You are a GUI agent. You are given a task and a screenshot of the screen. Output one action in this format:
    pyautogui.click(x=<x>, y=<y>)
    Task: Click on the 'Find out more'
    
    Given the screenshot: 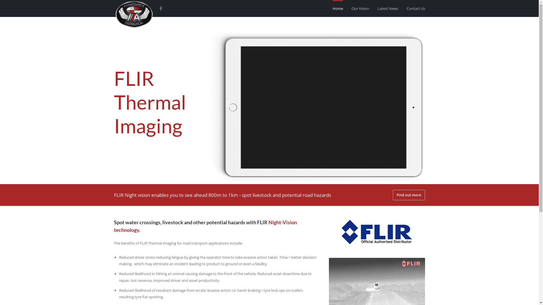 What is the action you would take?
    pyautogui.click(x=392, y=195)
    